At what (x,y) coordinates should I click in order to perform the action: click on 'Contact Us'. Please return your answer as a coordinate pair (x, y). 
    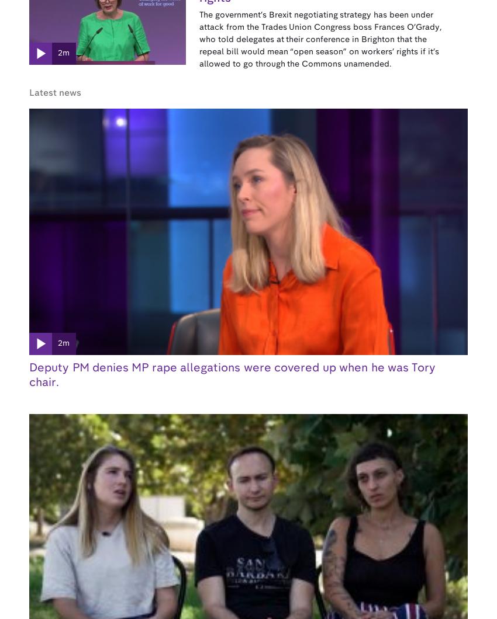
    Looking at the image, I should click on (98, 475).